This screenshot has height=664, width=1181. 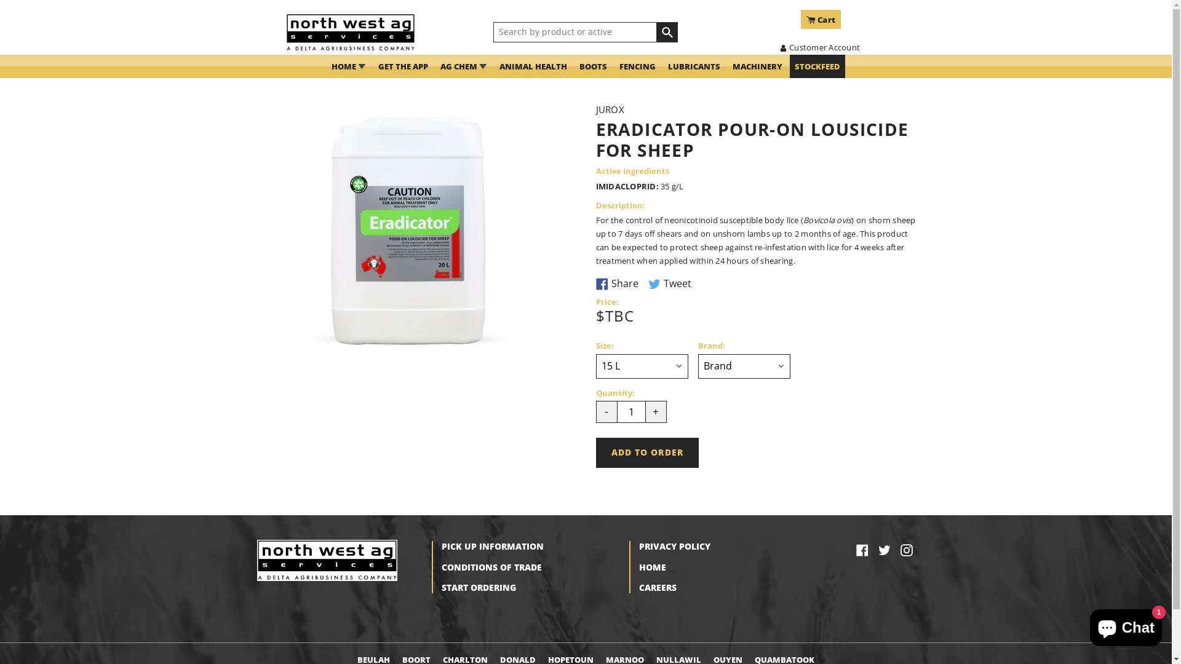 What do you see at coordinates (637, 66) in the screenshot?
I see `'FENCING'` at bounding box center [637, 66].